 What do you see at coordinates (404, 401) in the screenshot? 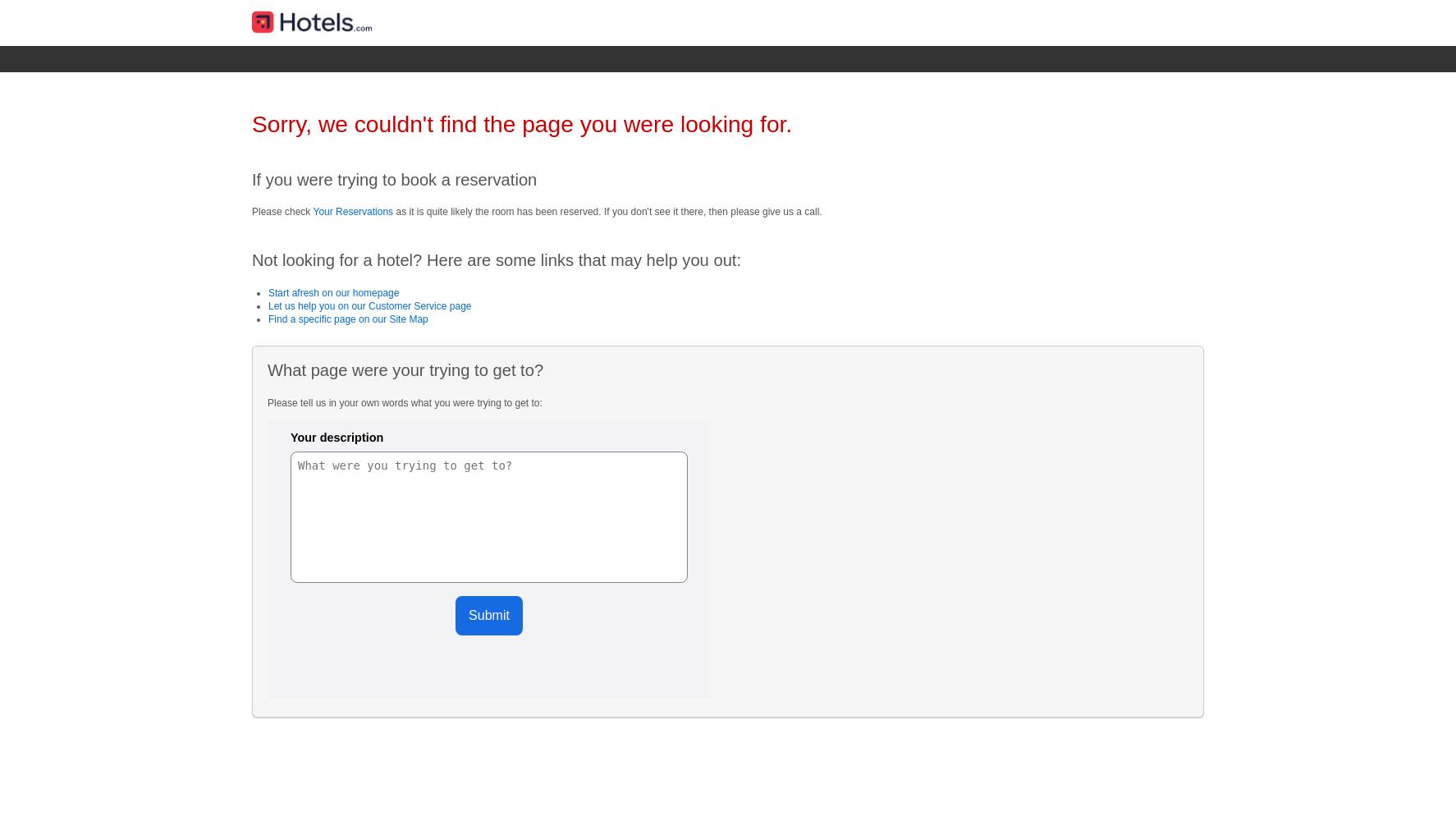
I see `'Please tell us in your own words what you were trying to get to:'` at bounding box center [404, 401].